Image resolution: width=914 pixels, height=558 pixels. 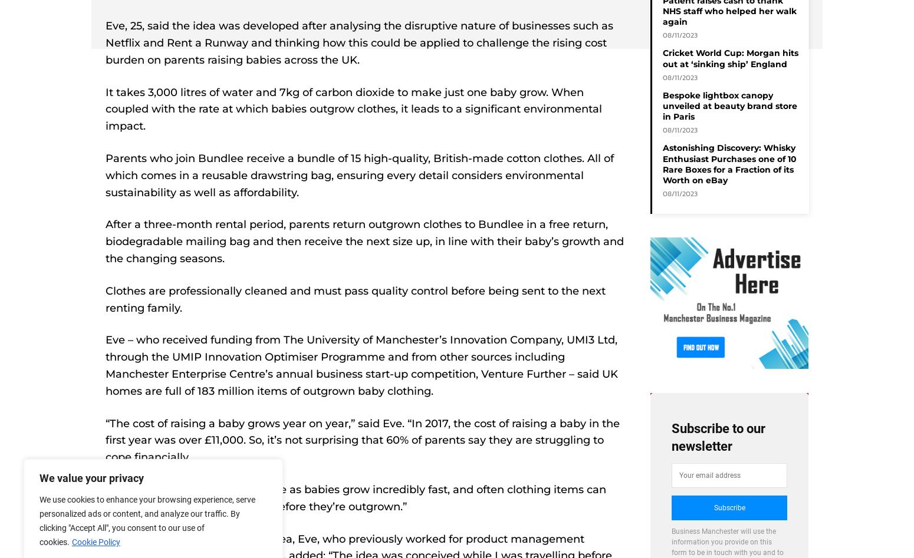 What do you see at coordinates (91, 478) in the screenshot?
I see `'We value your privacy'` at bounding box center [91, 478].